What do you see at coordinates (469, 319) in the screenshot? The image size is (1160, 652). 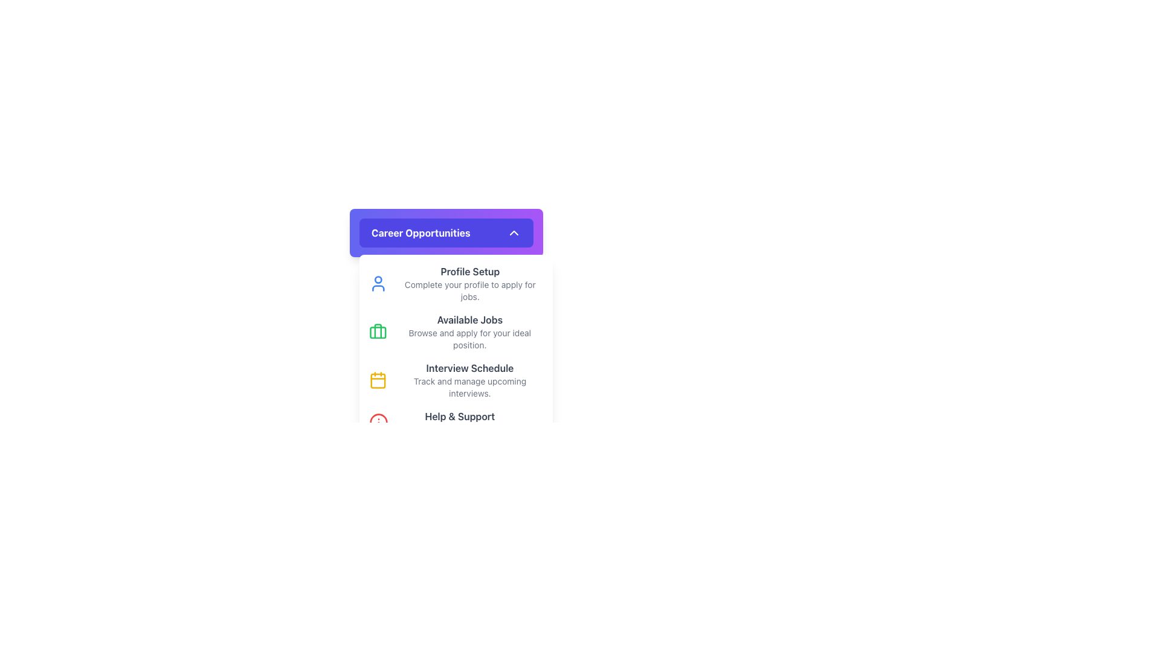 I see `the text label titled 'Available Jobs', which is located below the 'Career Opportunities' header and is the second item in the list` at bounding box center [469, 319].